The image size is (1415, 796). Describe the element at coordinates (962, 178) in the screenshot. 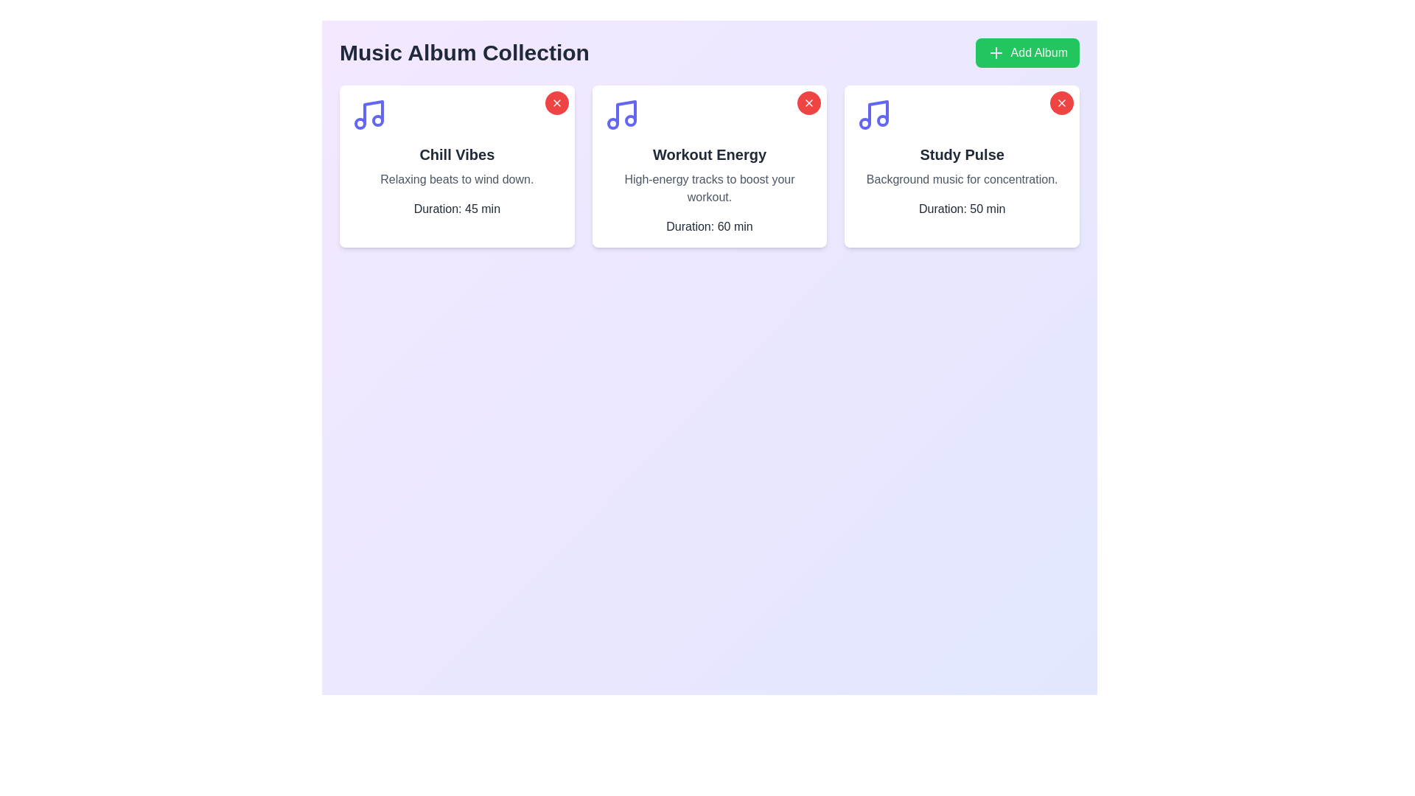

I see `the static text element that provides a brief description for the 'Study Pulse' card, located centrally in the third column of a three-column layout` at that location.